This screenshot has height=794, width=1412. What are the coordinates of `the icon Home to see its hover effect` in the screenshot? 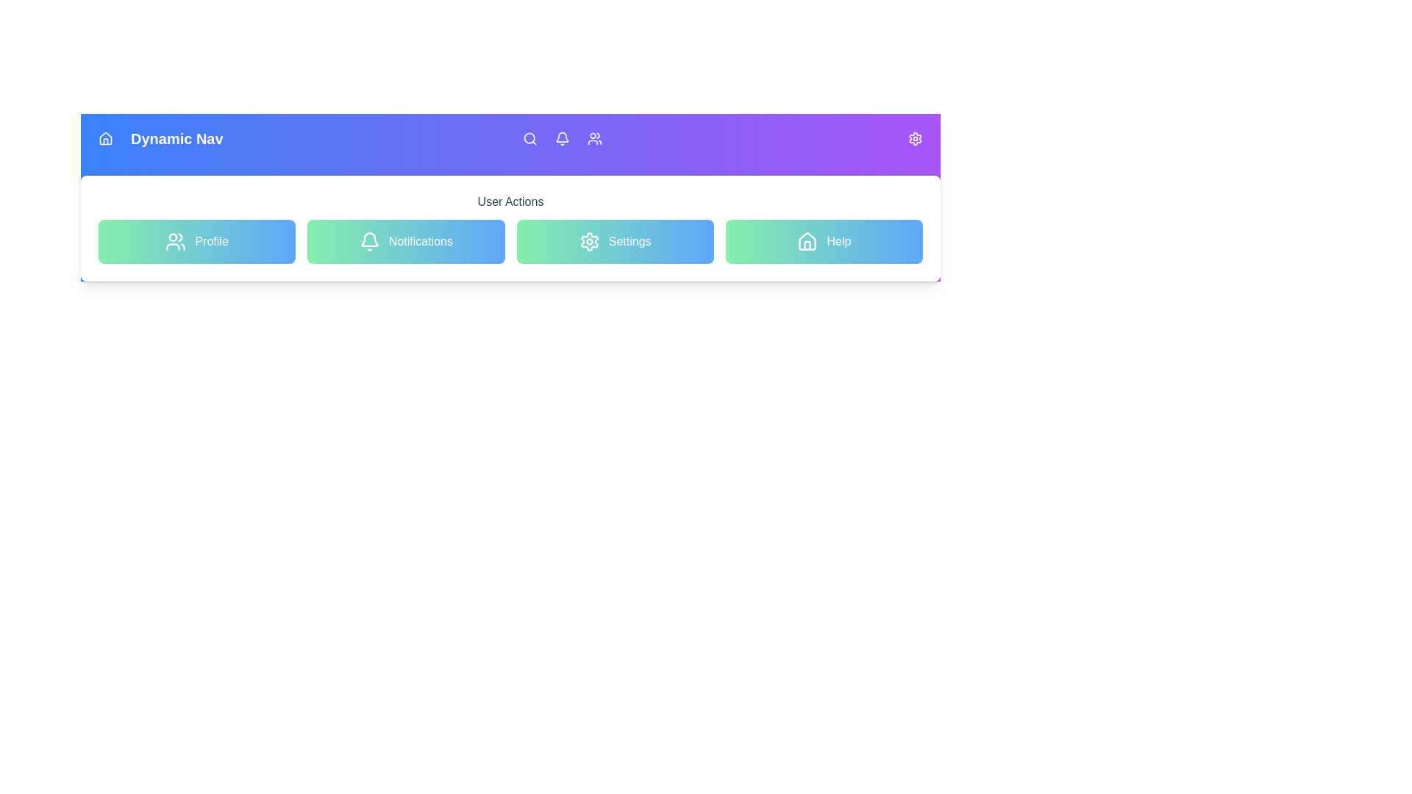 It's located at (105, 139).